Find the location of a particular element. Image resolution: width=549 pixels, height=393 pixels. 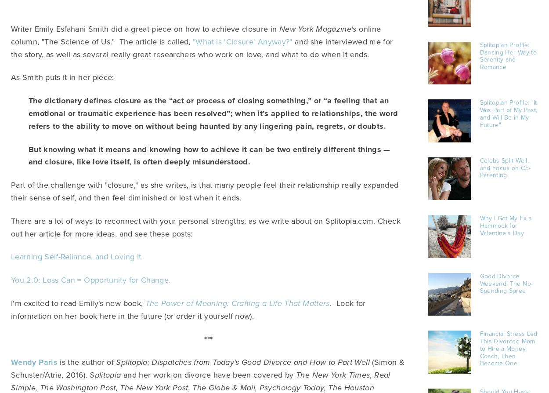

'The dictionary defines closure as the “act or process of closing something,” or “a feeling that an emotional or traumatic experience has been resolved”; when it’s applied to relationships, the word refers to the ability to move on without being haunted by any lingering pain, regrets, or doubts.' is located at coordinates (213, 113).